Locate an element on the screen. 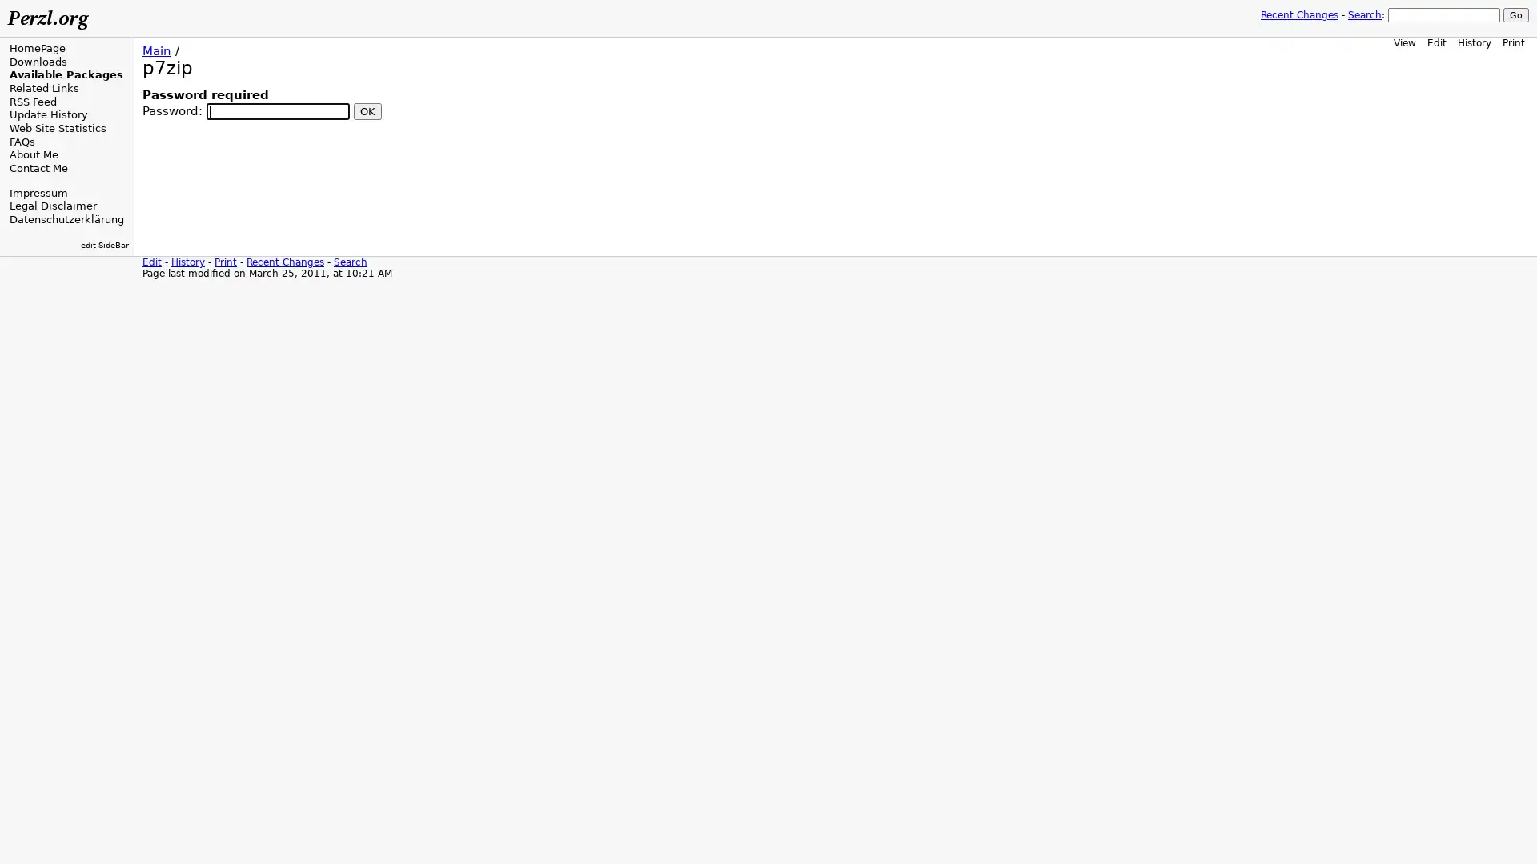  Go is located at coordinates (1515, 15).